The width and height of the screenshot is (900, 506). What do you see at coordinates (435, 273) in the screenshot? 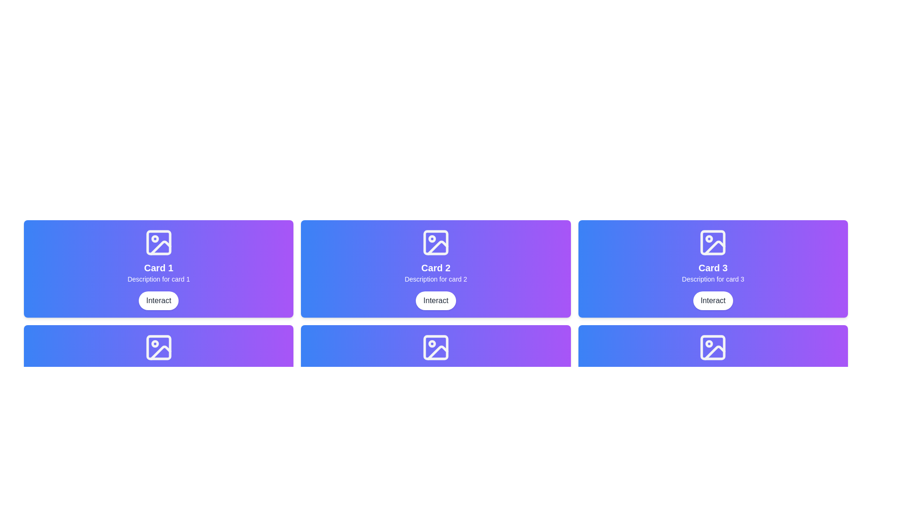
I see `the multi-line text display located in the middle card of three horizontal cards, positioned below an icon and above the 'Interact' button` at bounding box center [435, 273].